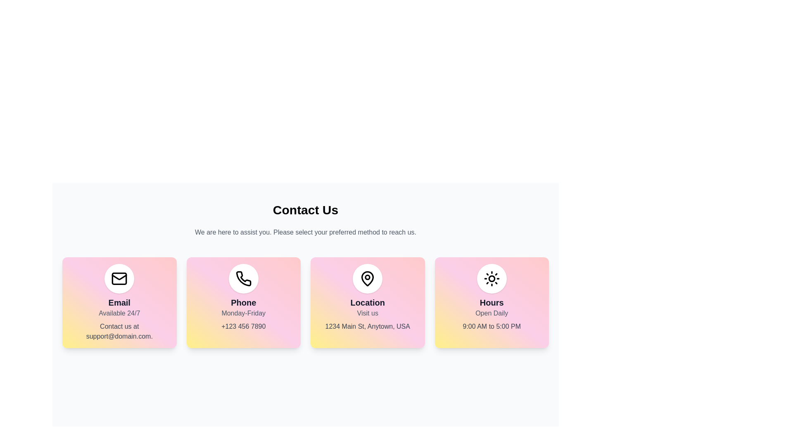 Image resolution: width=793 pixels, height=446 pixels. What do you see at coordinates (491, 279) in the screenshot?
I see `properties of the SVG Circle representing the sun's core in the 'Hours' card located at the top-right corner of the interface` at bounding box center [491, 279].